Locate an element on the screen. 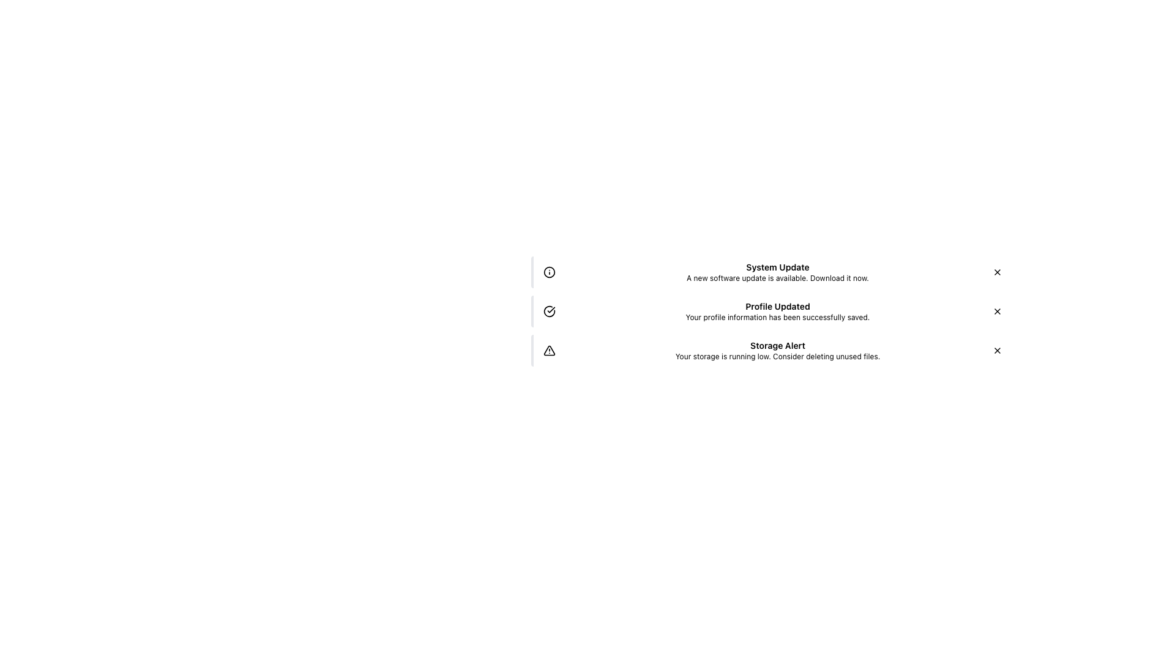 This screenshot has width=1175, height=661. the notification message indicating successful profile update, which is the second notification in a vertical stack of three notifications is located at coordinates (771, 311).